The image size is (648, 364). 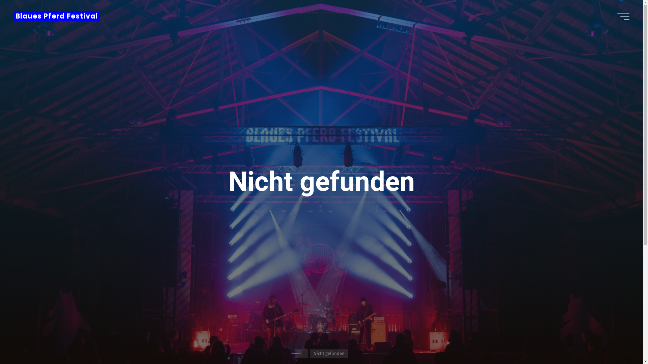 I want to click on 'Startseite', so click(x=301, y=353).